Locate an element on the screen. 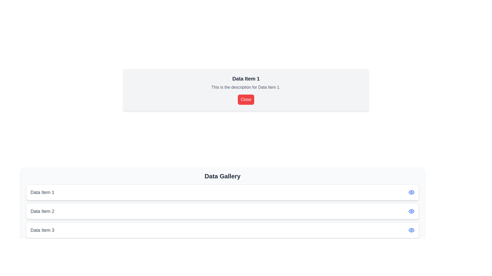  the eye-shaped icon with a blue stroke outline located to the right of 'Data Item 3' in the third row is located at coordinates (412, 230).